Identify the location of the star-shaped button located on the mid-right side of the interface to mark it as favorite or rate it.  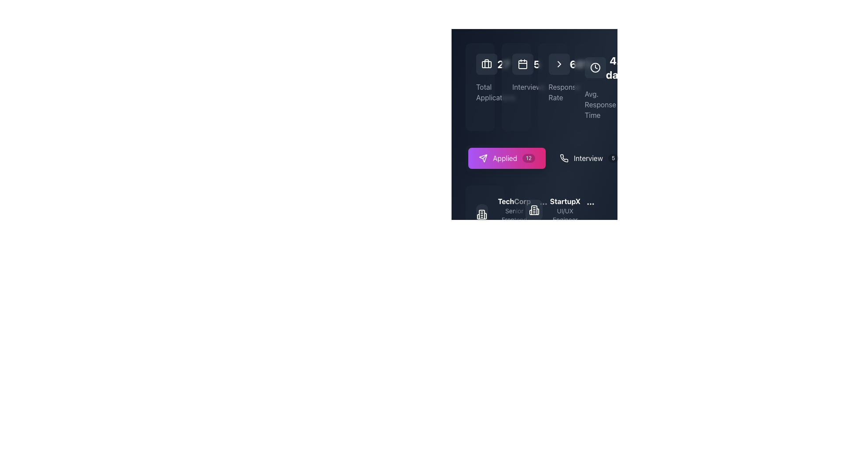
(503, 329).